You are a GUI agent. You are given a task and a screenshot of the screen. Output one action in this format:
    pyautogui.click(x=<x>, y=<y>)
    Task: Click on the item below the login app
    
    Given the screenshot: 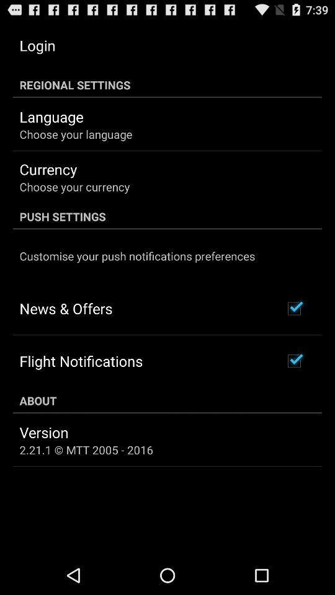 What is the action you would take?
    pyautogui.click(x=167, y=84)
    